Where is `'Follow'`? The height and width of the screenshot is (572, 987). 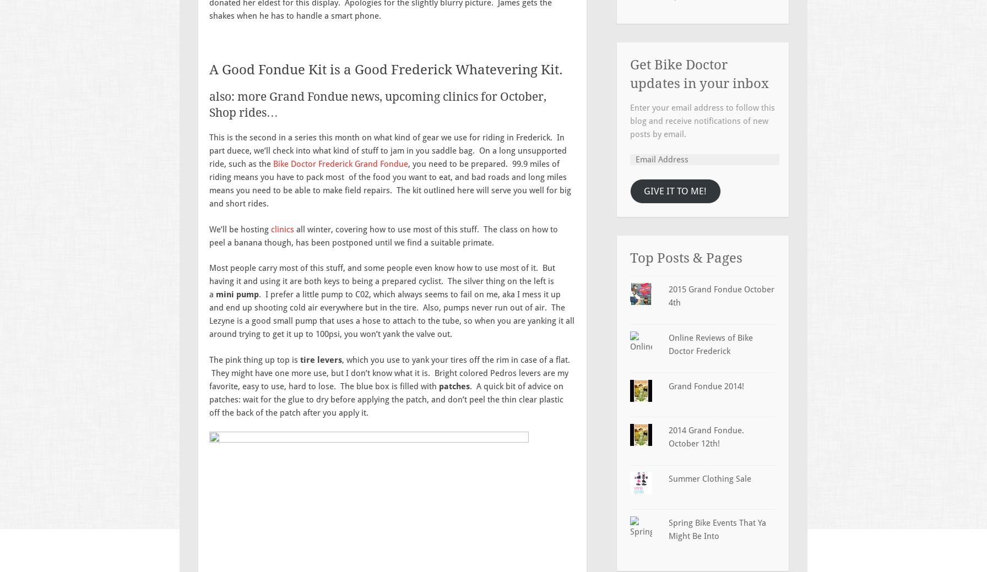
'Follow' is located at coordinates (942, 514).